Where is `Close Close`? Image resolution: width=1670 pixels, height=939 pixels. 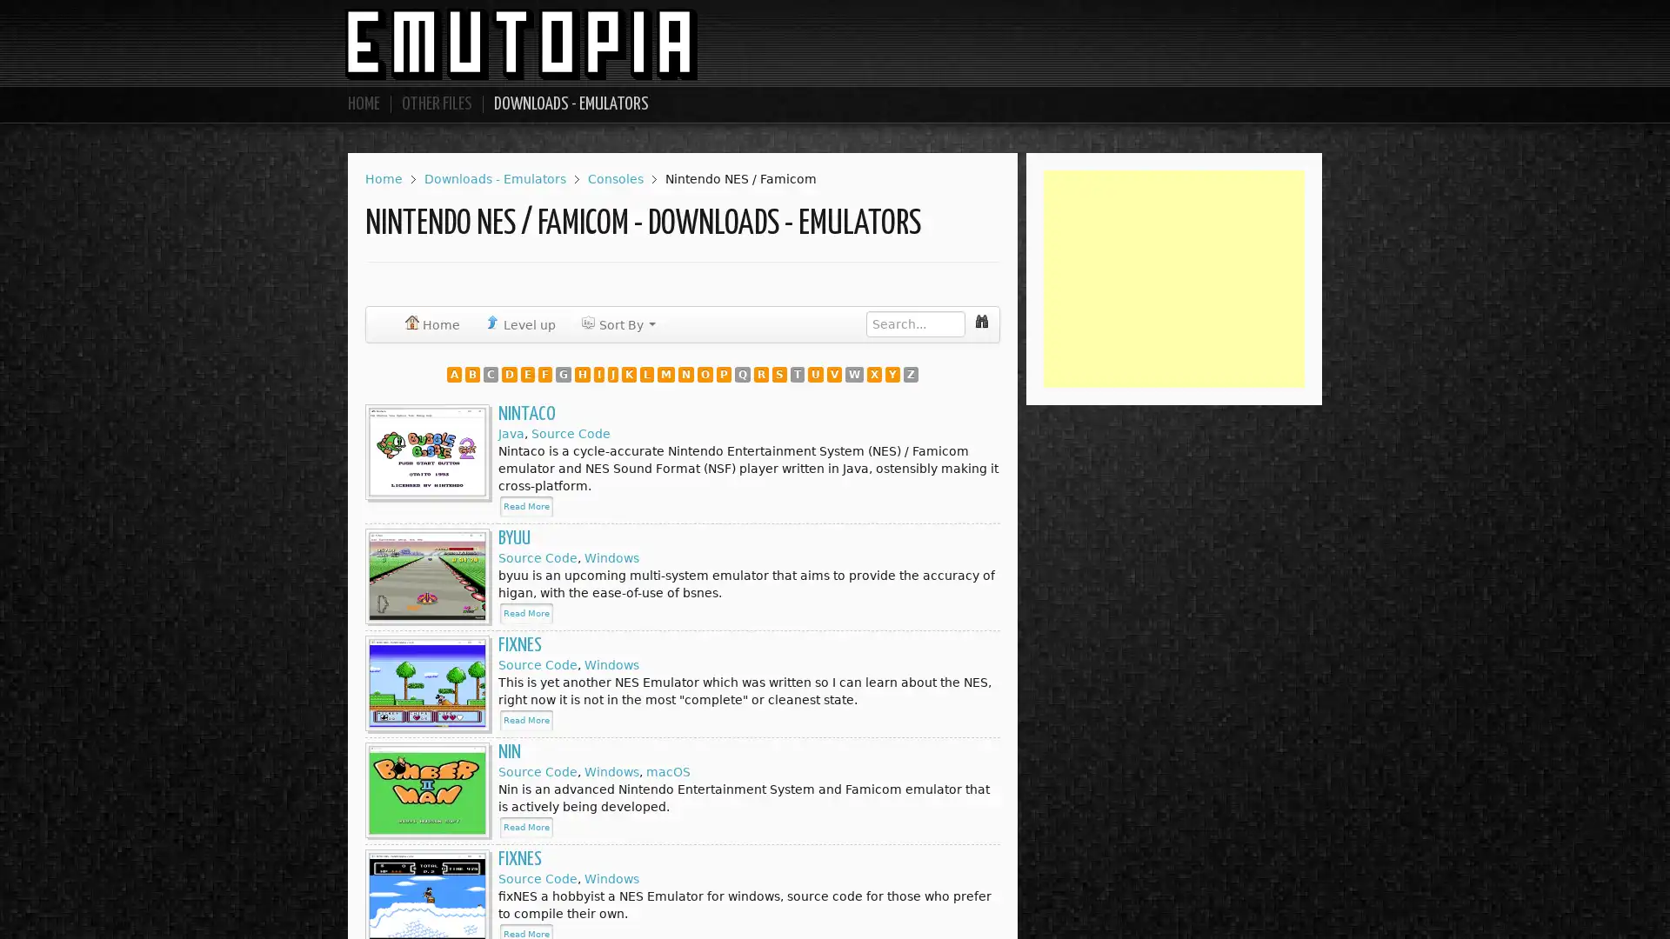 Close Close is located at coordinates (962, 373).